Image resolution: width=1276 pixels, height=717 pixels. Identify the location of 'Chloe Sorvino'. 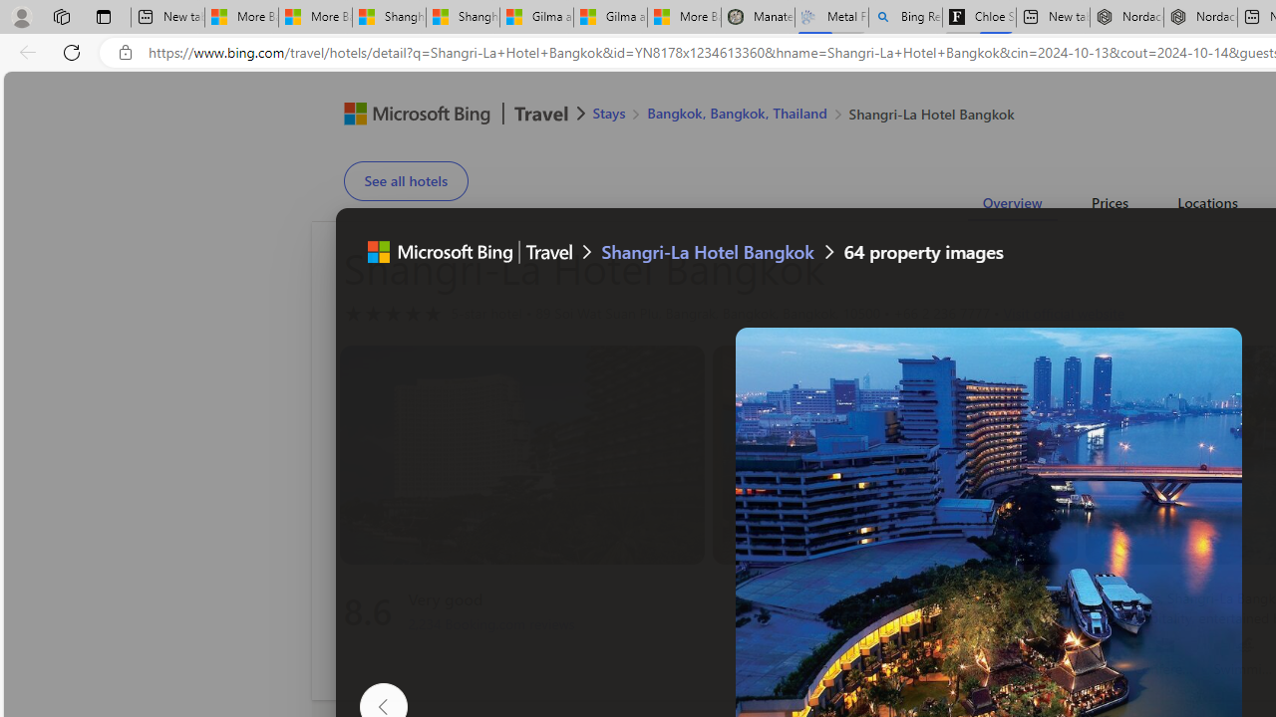
(979, 17).